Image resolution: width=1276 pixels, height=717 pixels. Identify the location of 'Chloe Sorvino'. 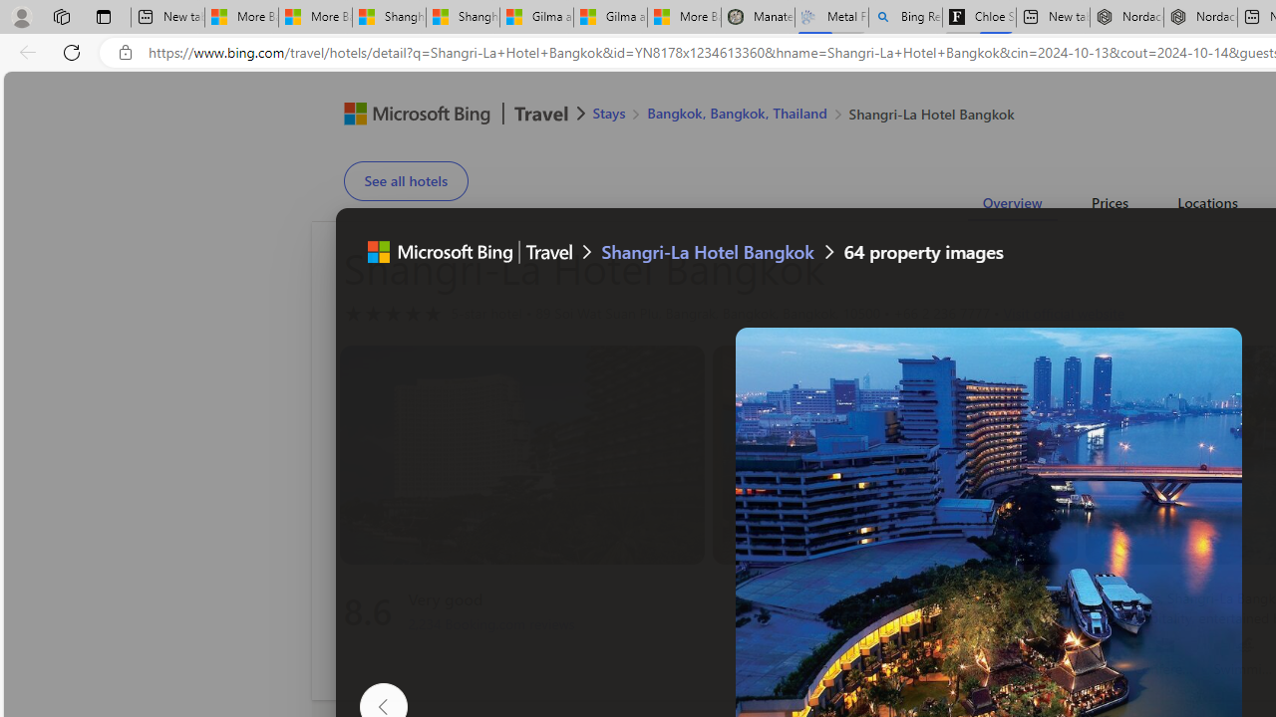
(979, 17).